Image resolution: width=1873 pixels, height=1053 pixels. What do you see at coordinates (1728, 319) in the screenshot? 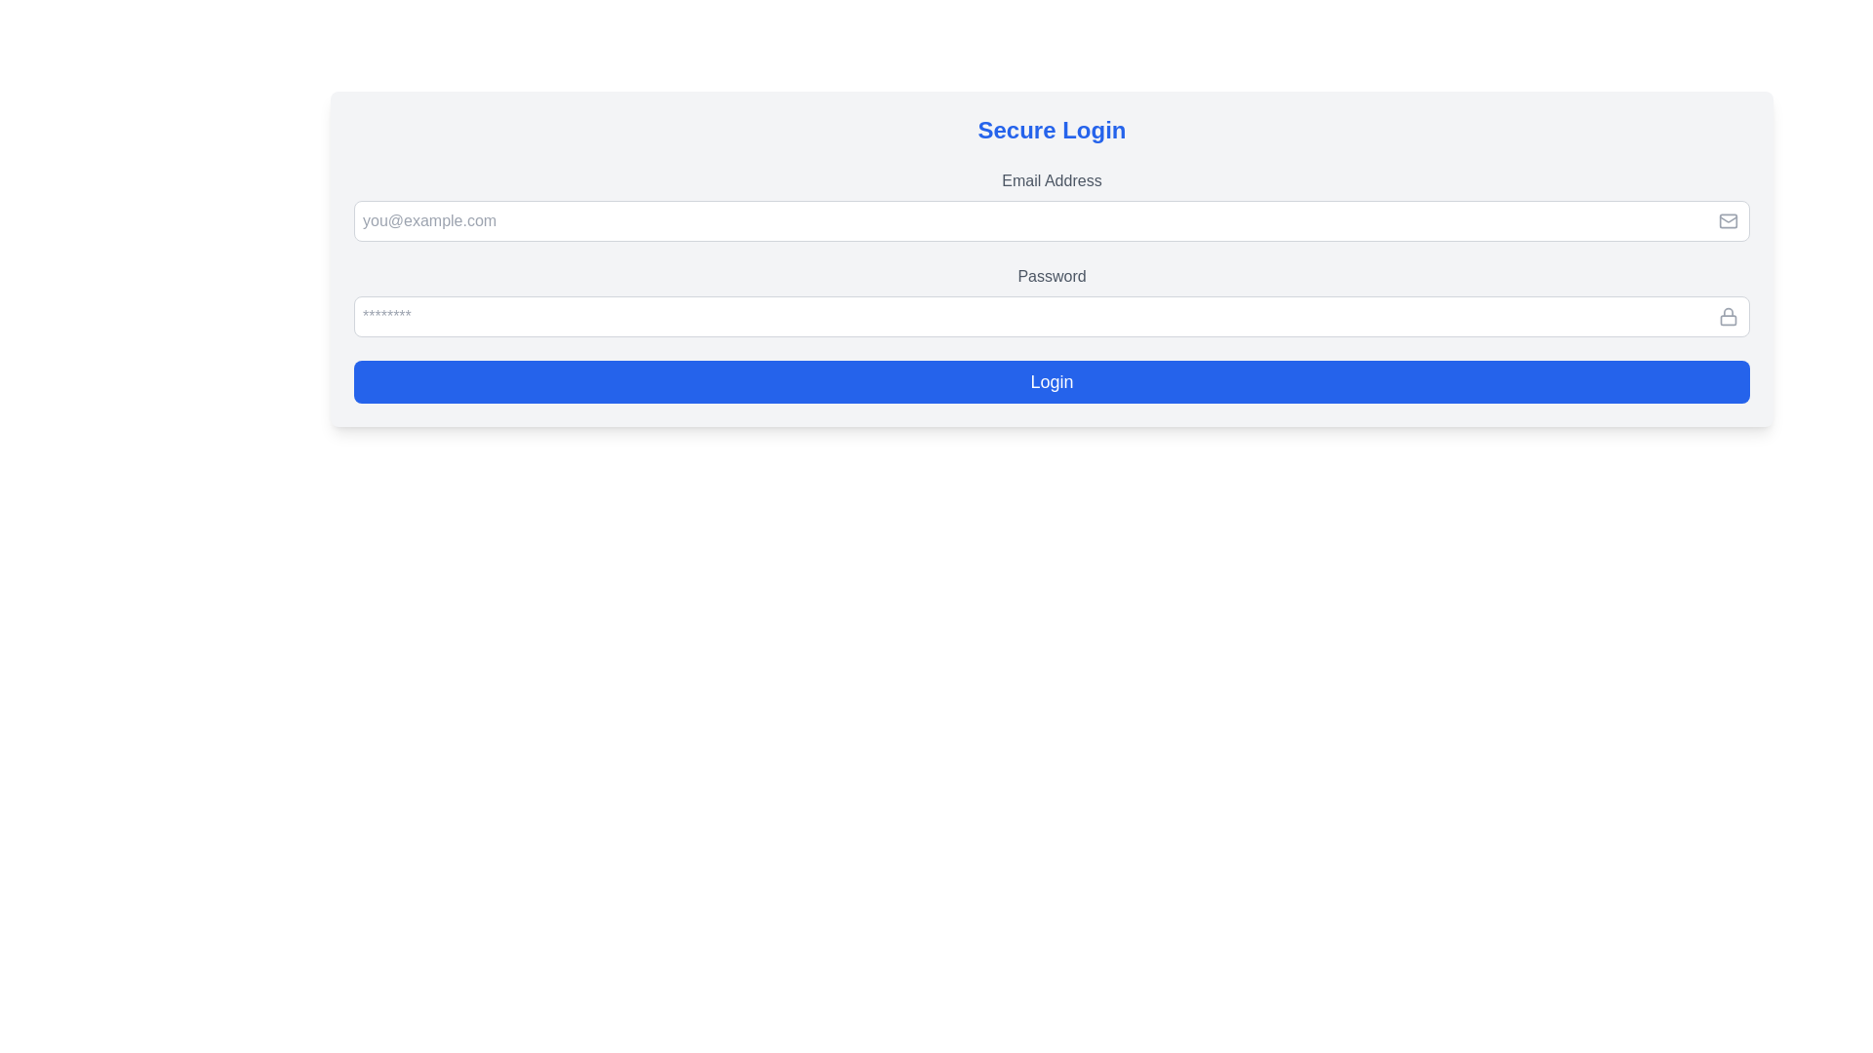
I see `the rectangular body of the lock icon, which visually represents password protection, located towards the right-hand side of the password input field` at bounding box center [1728, 319].